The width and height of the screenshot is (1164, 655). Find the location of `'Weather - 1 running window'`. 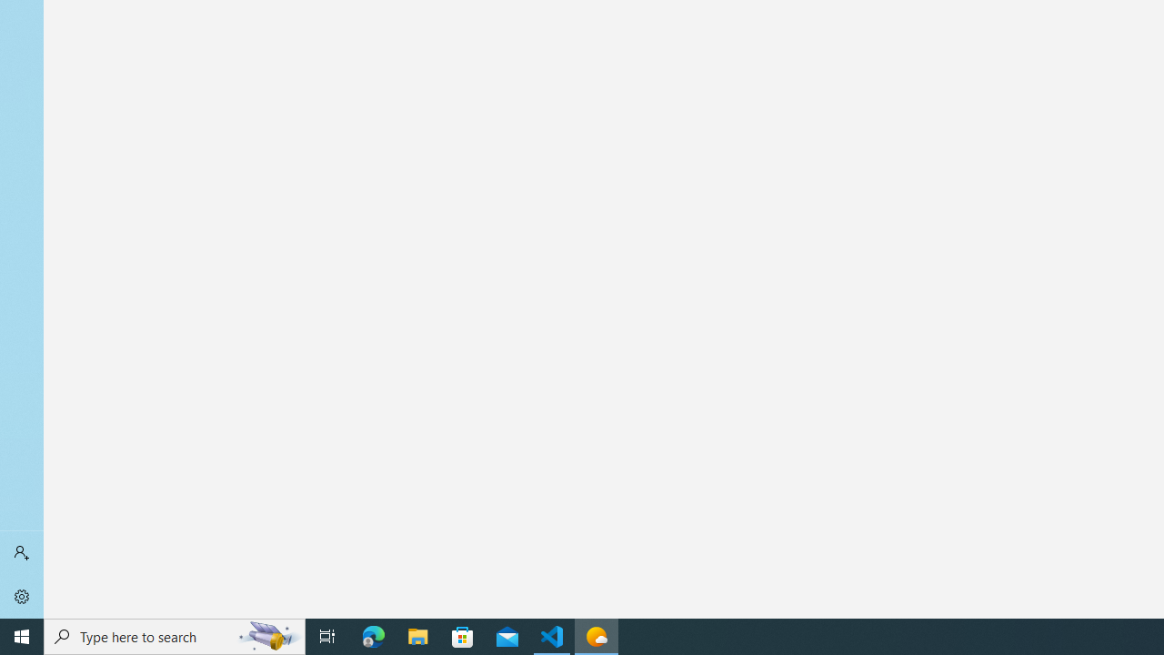

'Weather - 1 running window' is located at coordinates (597, 635).